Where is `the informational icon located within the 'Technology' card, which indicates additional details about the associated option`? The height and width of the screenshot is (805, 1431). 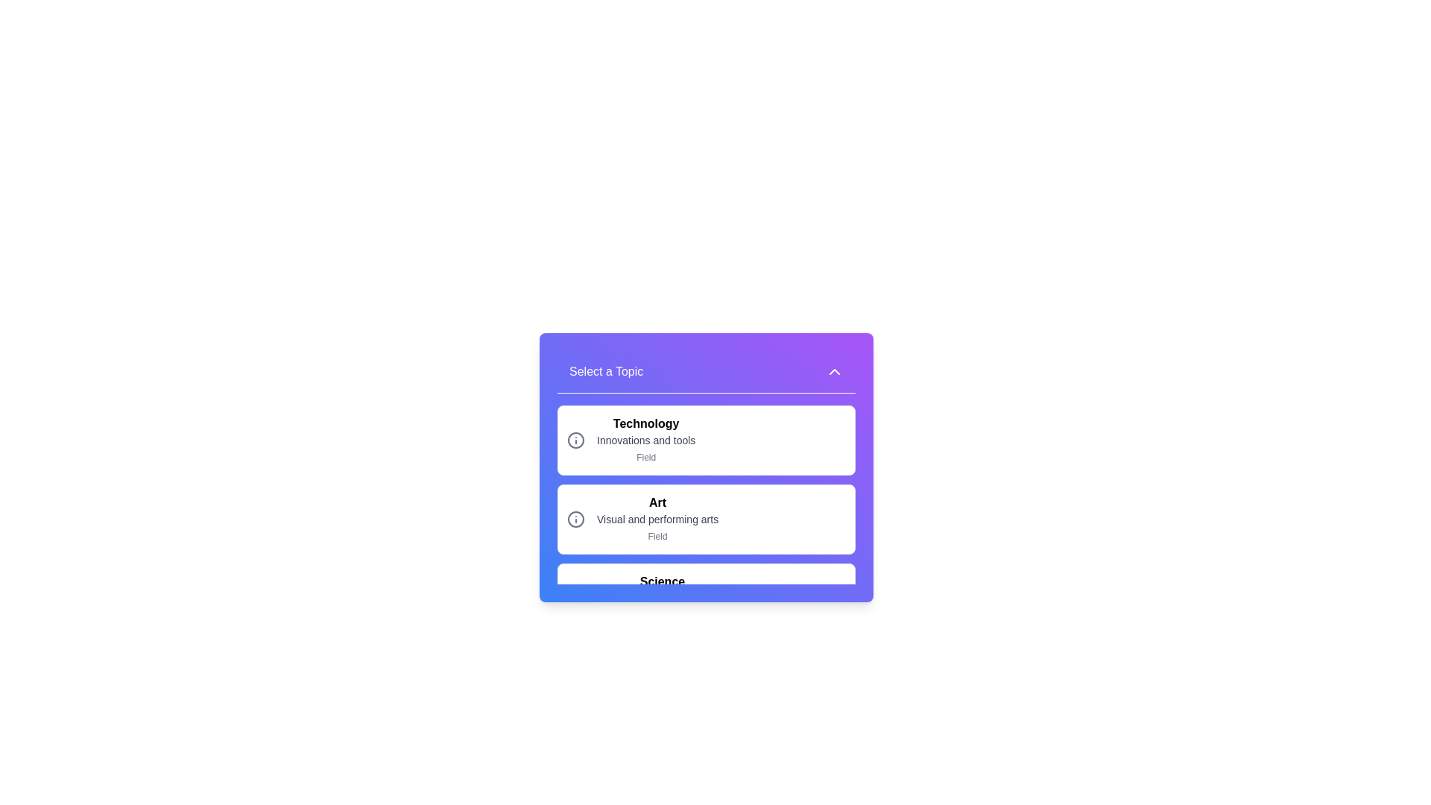
the informational icon located within the 'Technology' card, which indicates additional details about the associated option is located at coordinates (575, 439).